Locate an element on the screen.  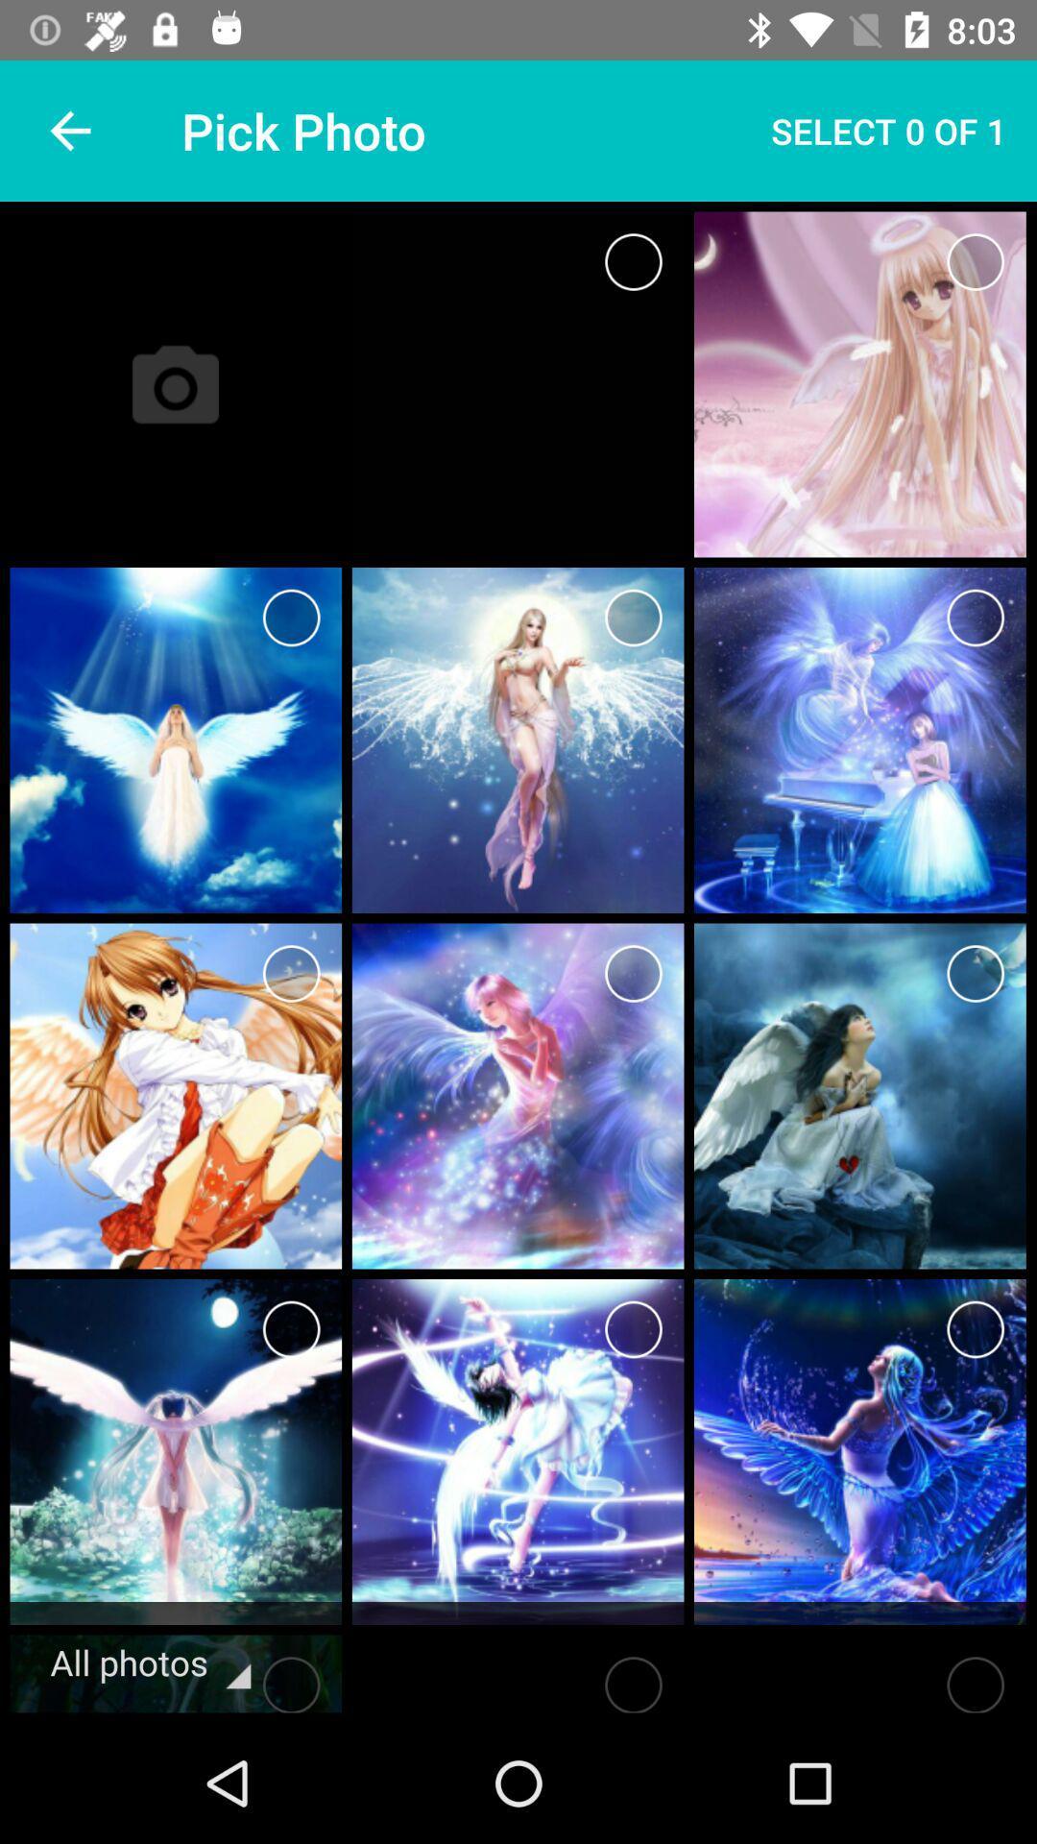
photo is located at coordinates (291, 1678).